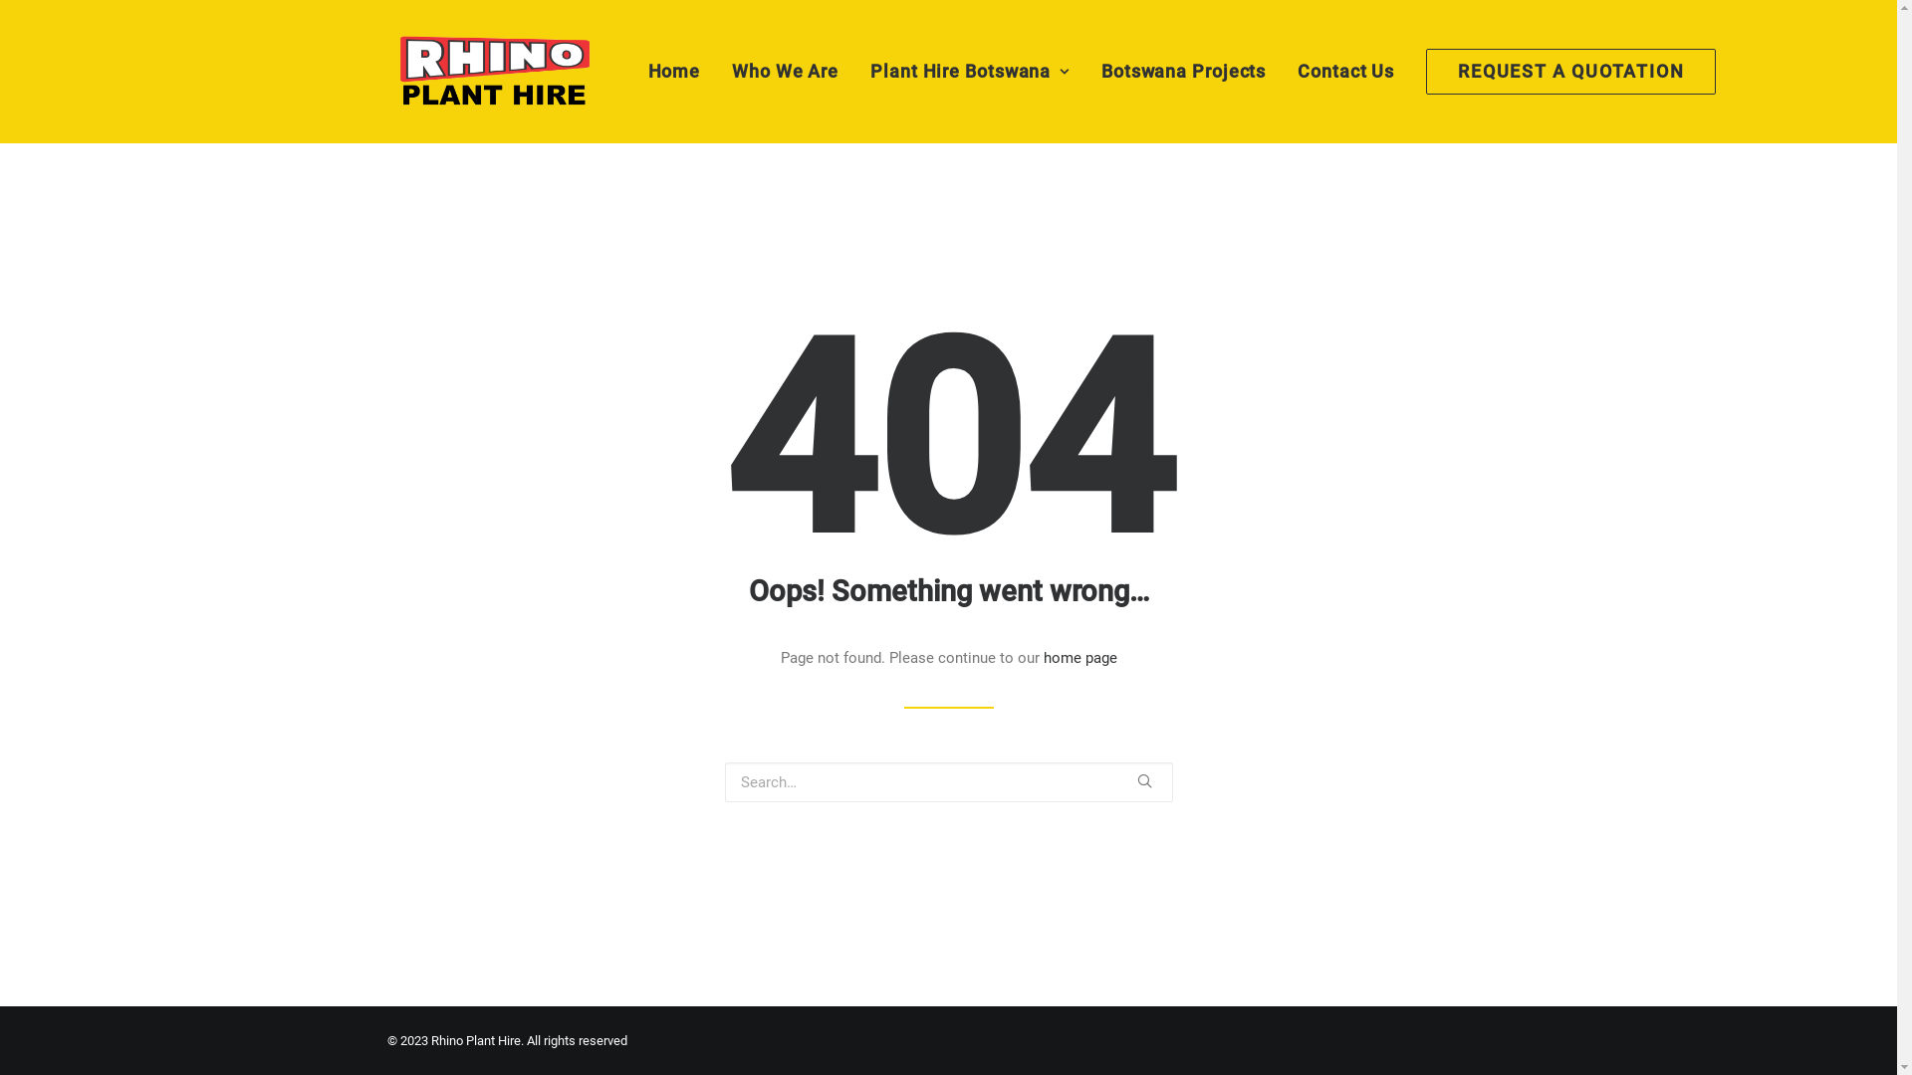 Image resolution: width=1912 pixels, height=1075 pixels. Describe the element at coordinates (1078, 657) in the screenshot. I see `'home page'` at that location.